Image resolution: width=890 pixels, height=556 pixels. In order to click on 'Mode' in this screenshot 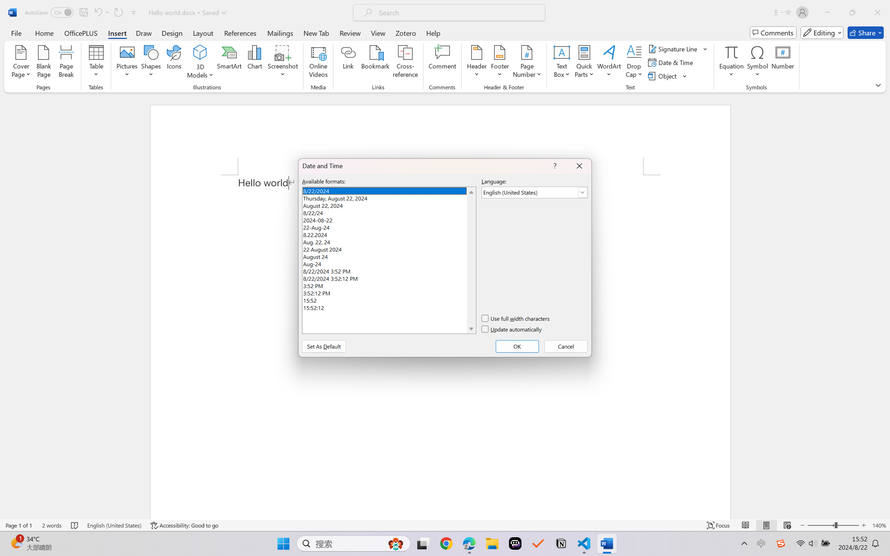, I will do `click(822, 32)`.